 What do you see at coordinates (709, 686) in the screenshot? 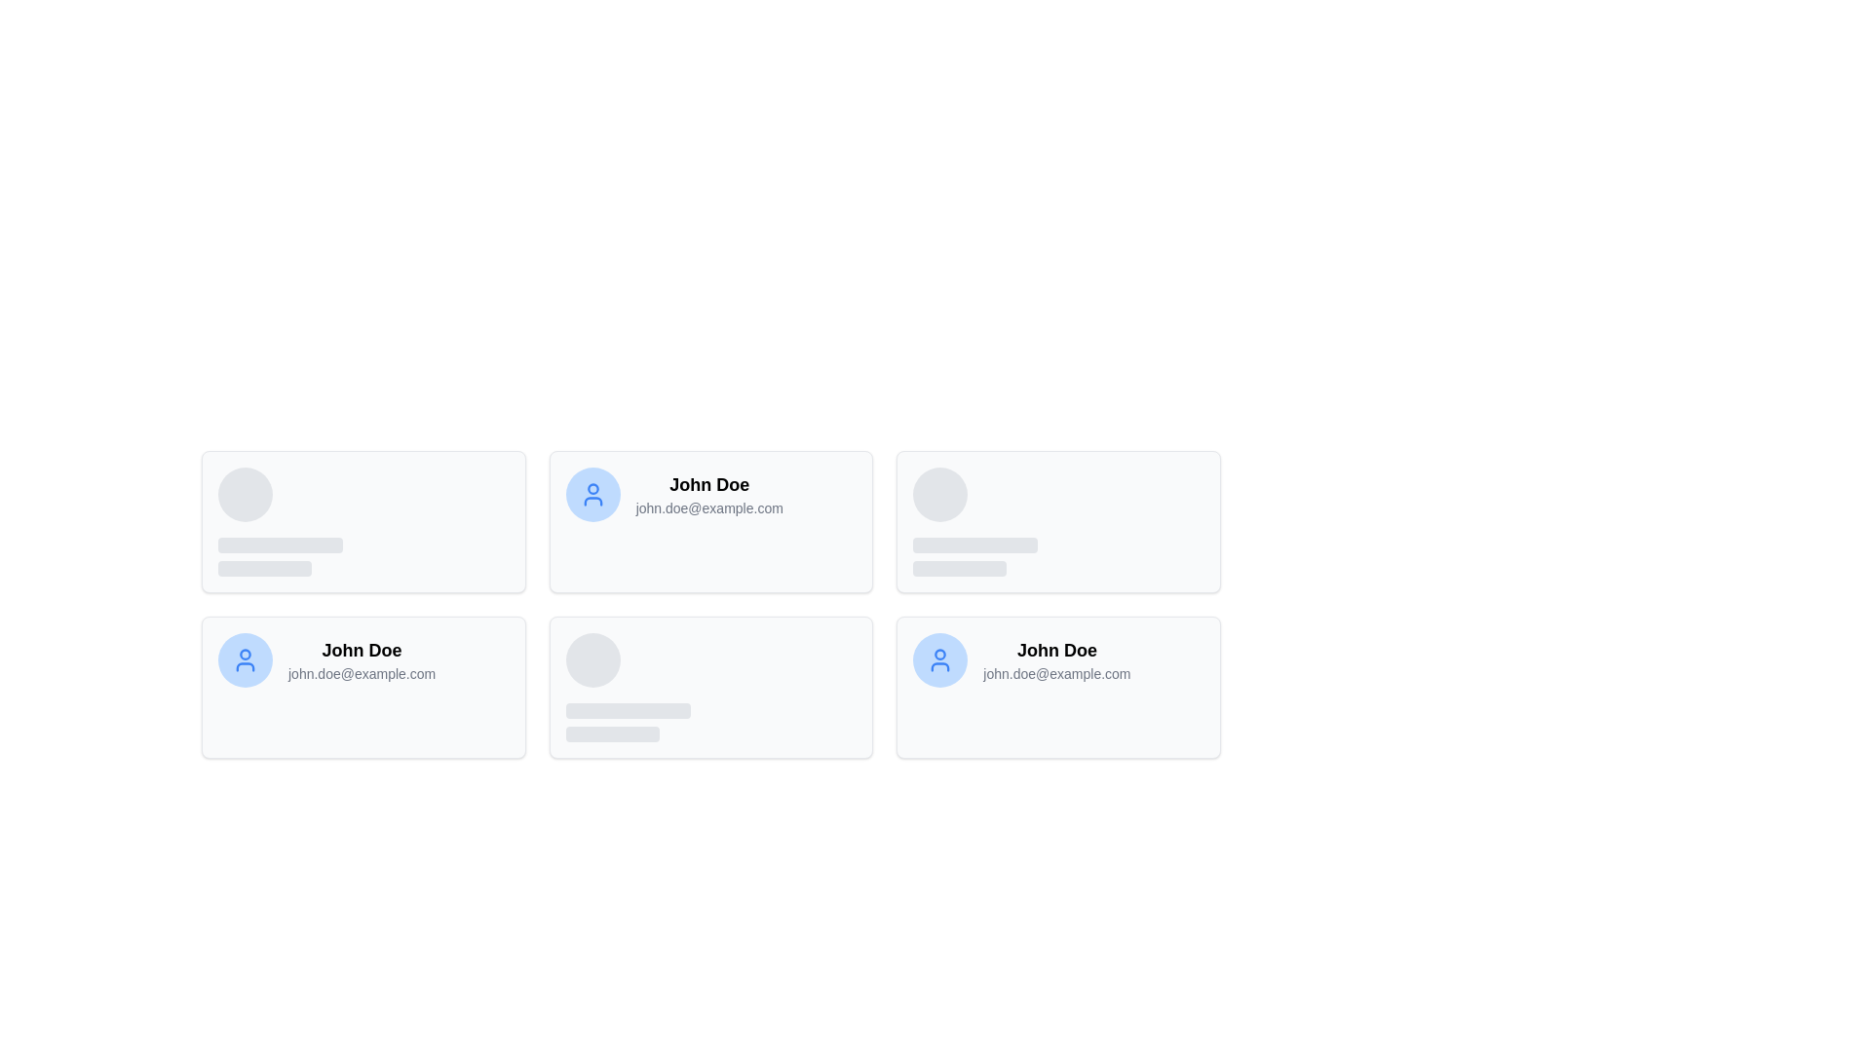
I see `the user profile or content preview card located in the second row and second column of the grid layout` at bounding box center [709, 686].